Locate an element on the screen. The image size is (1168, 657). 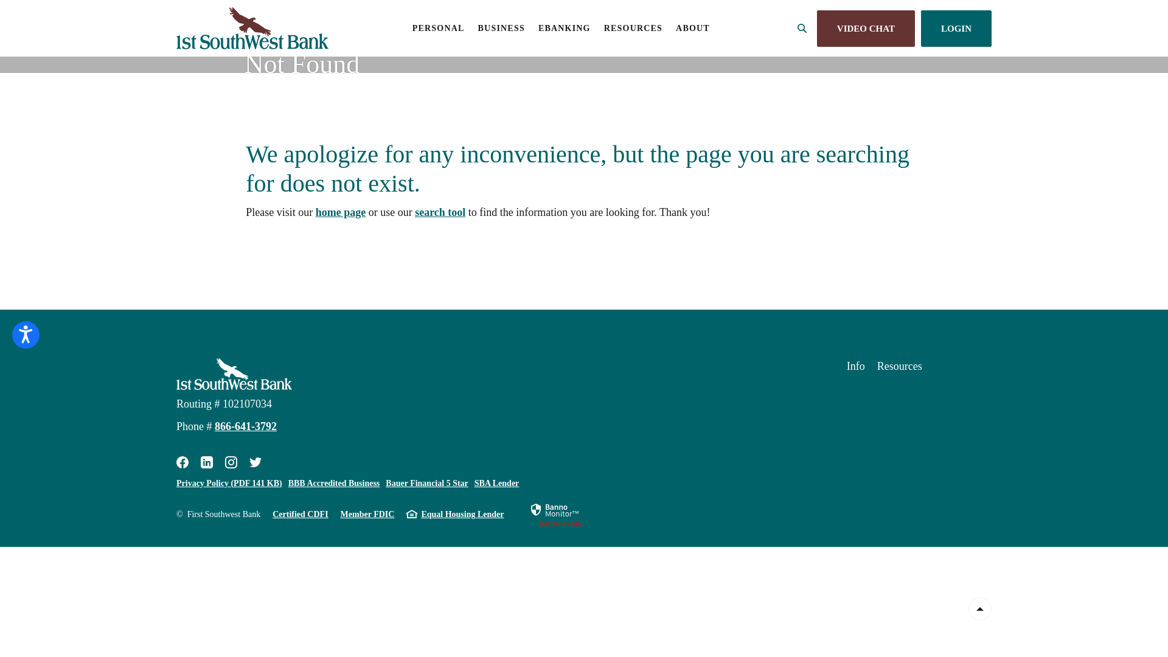
'First Southwest Bank, Alamosa, CO' is located at coordinates (251, 27).